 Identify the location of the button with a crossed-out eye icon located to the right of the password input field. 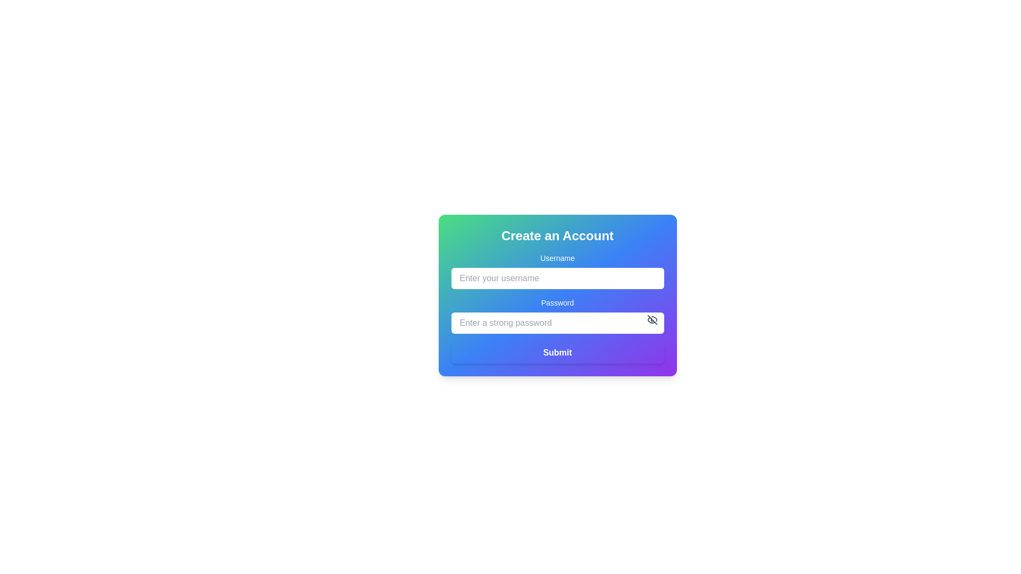
(651, 319).